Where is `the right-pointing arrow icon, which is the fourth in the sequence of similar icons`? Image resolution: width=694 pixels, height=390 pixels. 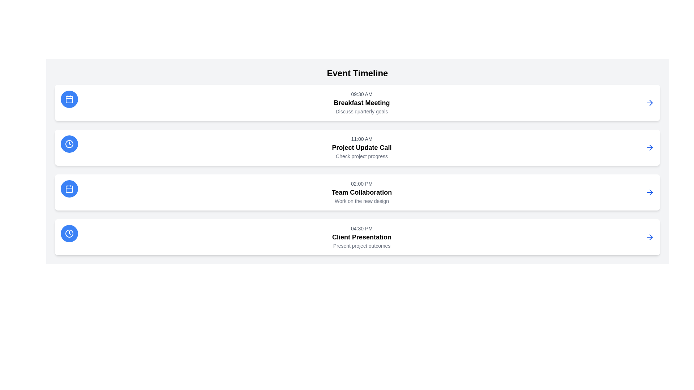
the right-pointing arrow icon, which is the fourth in the sequence of similar icons is located at coordinates (650, 147).